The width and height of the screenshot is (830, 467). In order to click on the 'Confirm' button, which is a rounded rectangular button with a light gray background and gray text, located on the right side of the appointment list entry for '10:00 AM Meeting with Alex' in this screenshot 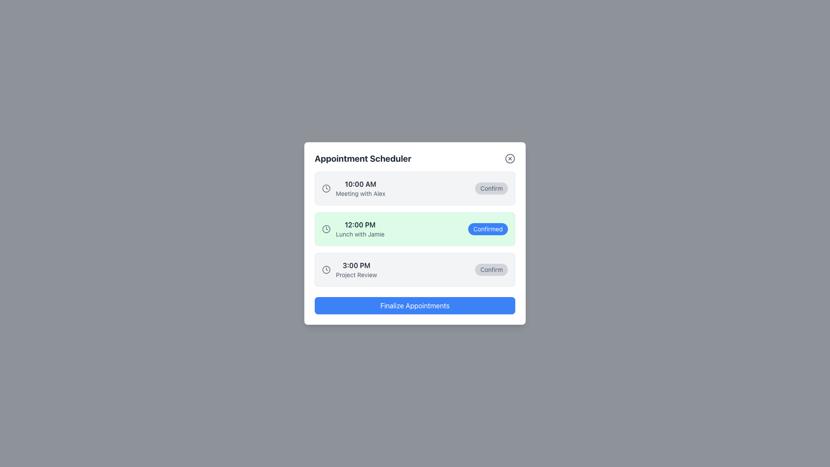, I will do `click(492, 188)`.